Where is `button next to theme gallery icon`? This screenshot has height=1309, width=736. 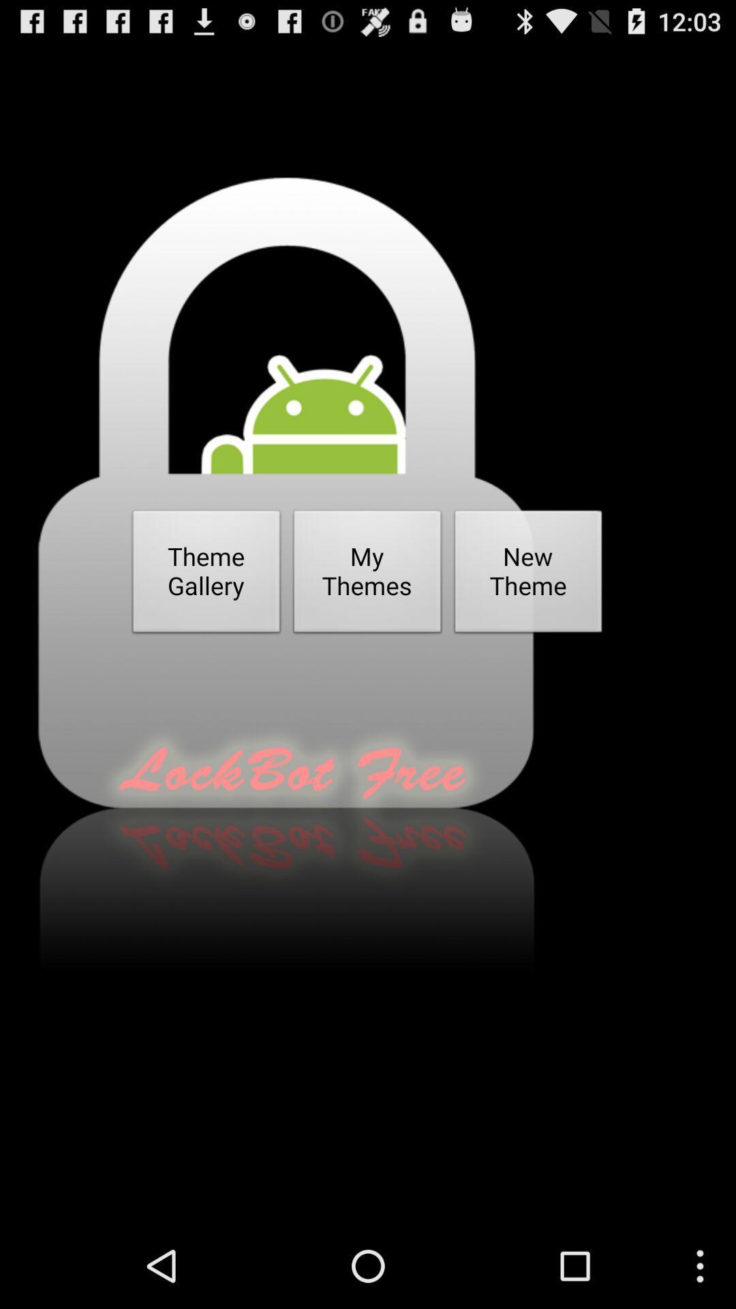 button next to theme gallery icon is located at coordinates (367, 575).